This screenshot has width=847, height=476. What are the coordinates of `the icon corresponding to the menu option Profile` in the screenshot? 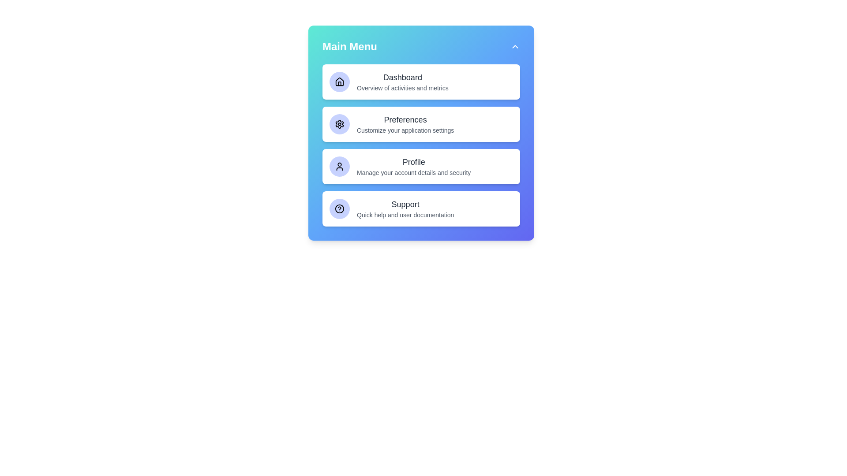 It's located at (339, 167).